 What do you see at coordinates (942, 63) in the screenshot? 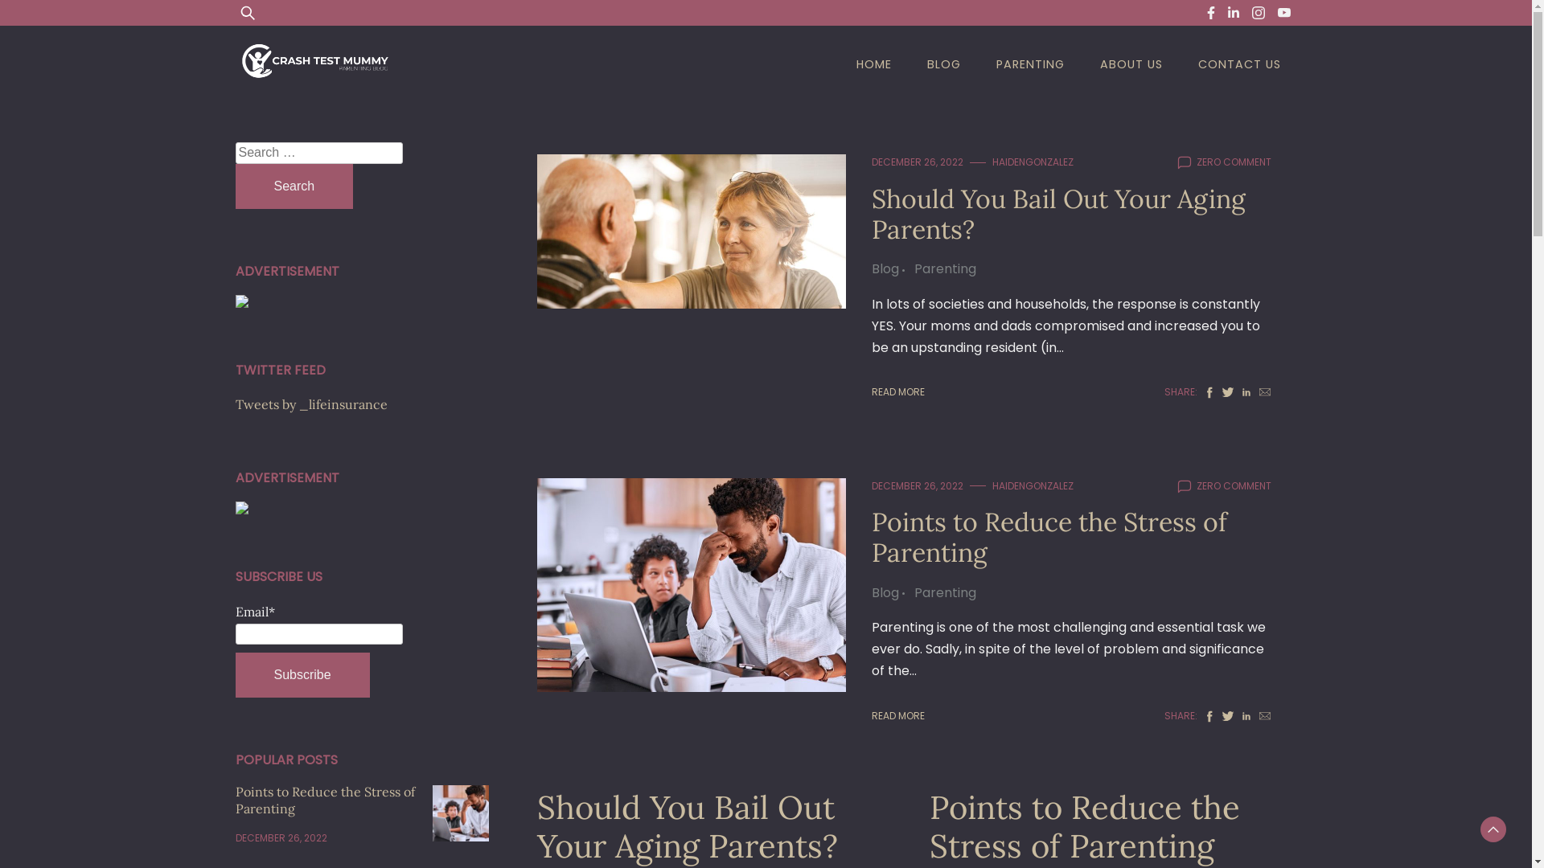
I see `'BLOG'` at bounding box center [942, 63].